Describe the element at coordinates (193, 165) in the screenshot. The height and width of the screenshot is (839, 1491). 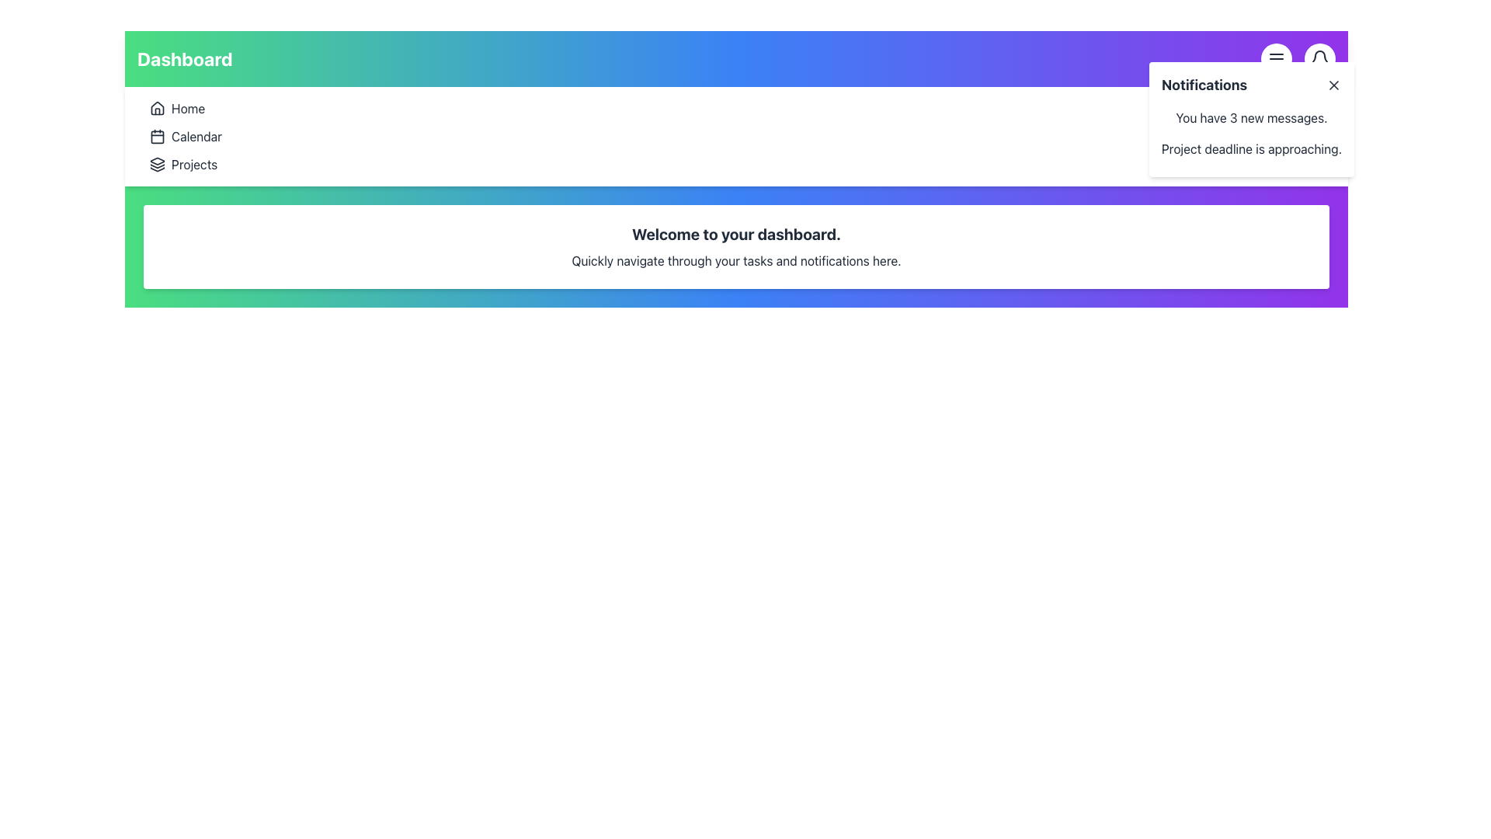
I see `the 'Projects' text label` at that location.